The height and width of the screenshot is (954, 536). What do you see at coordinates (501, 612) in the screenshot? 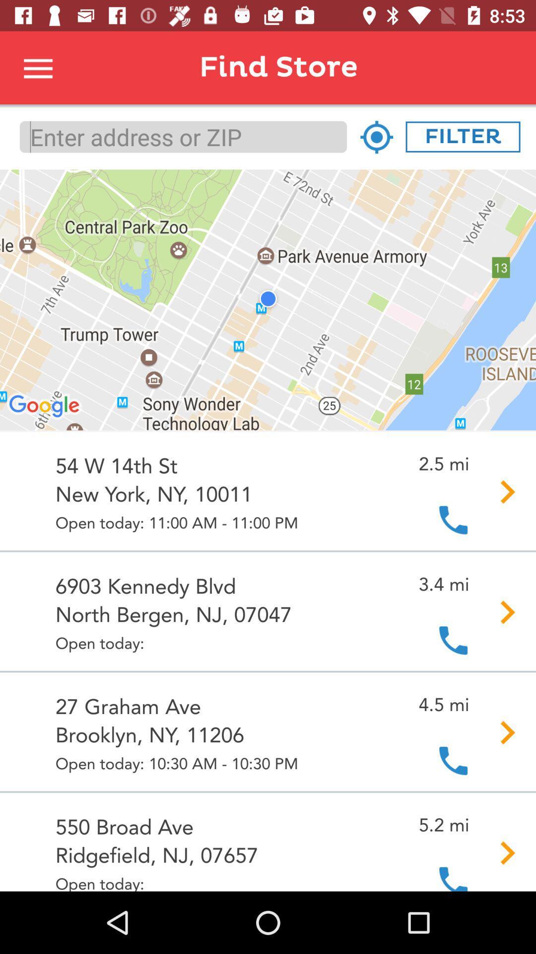
I see `the move forward button below 34 mi` at bounding box center [501, 612].